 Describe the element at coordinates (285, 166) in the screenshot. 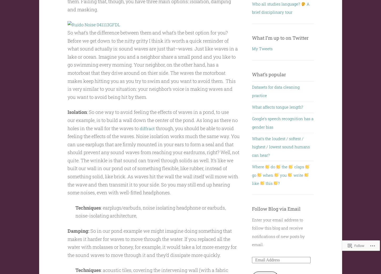

I see `'the'` at that location.